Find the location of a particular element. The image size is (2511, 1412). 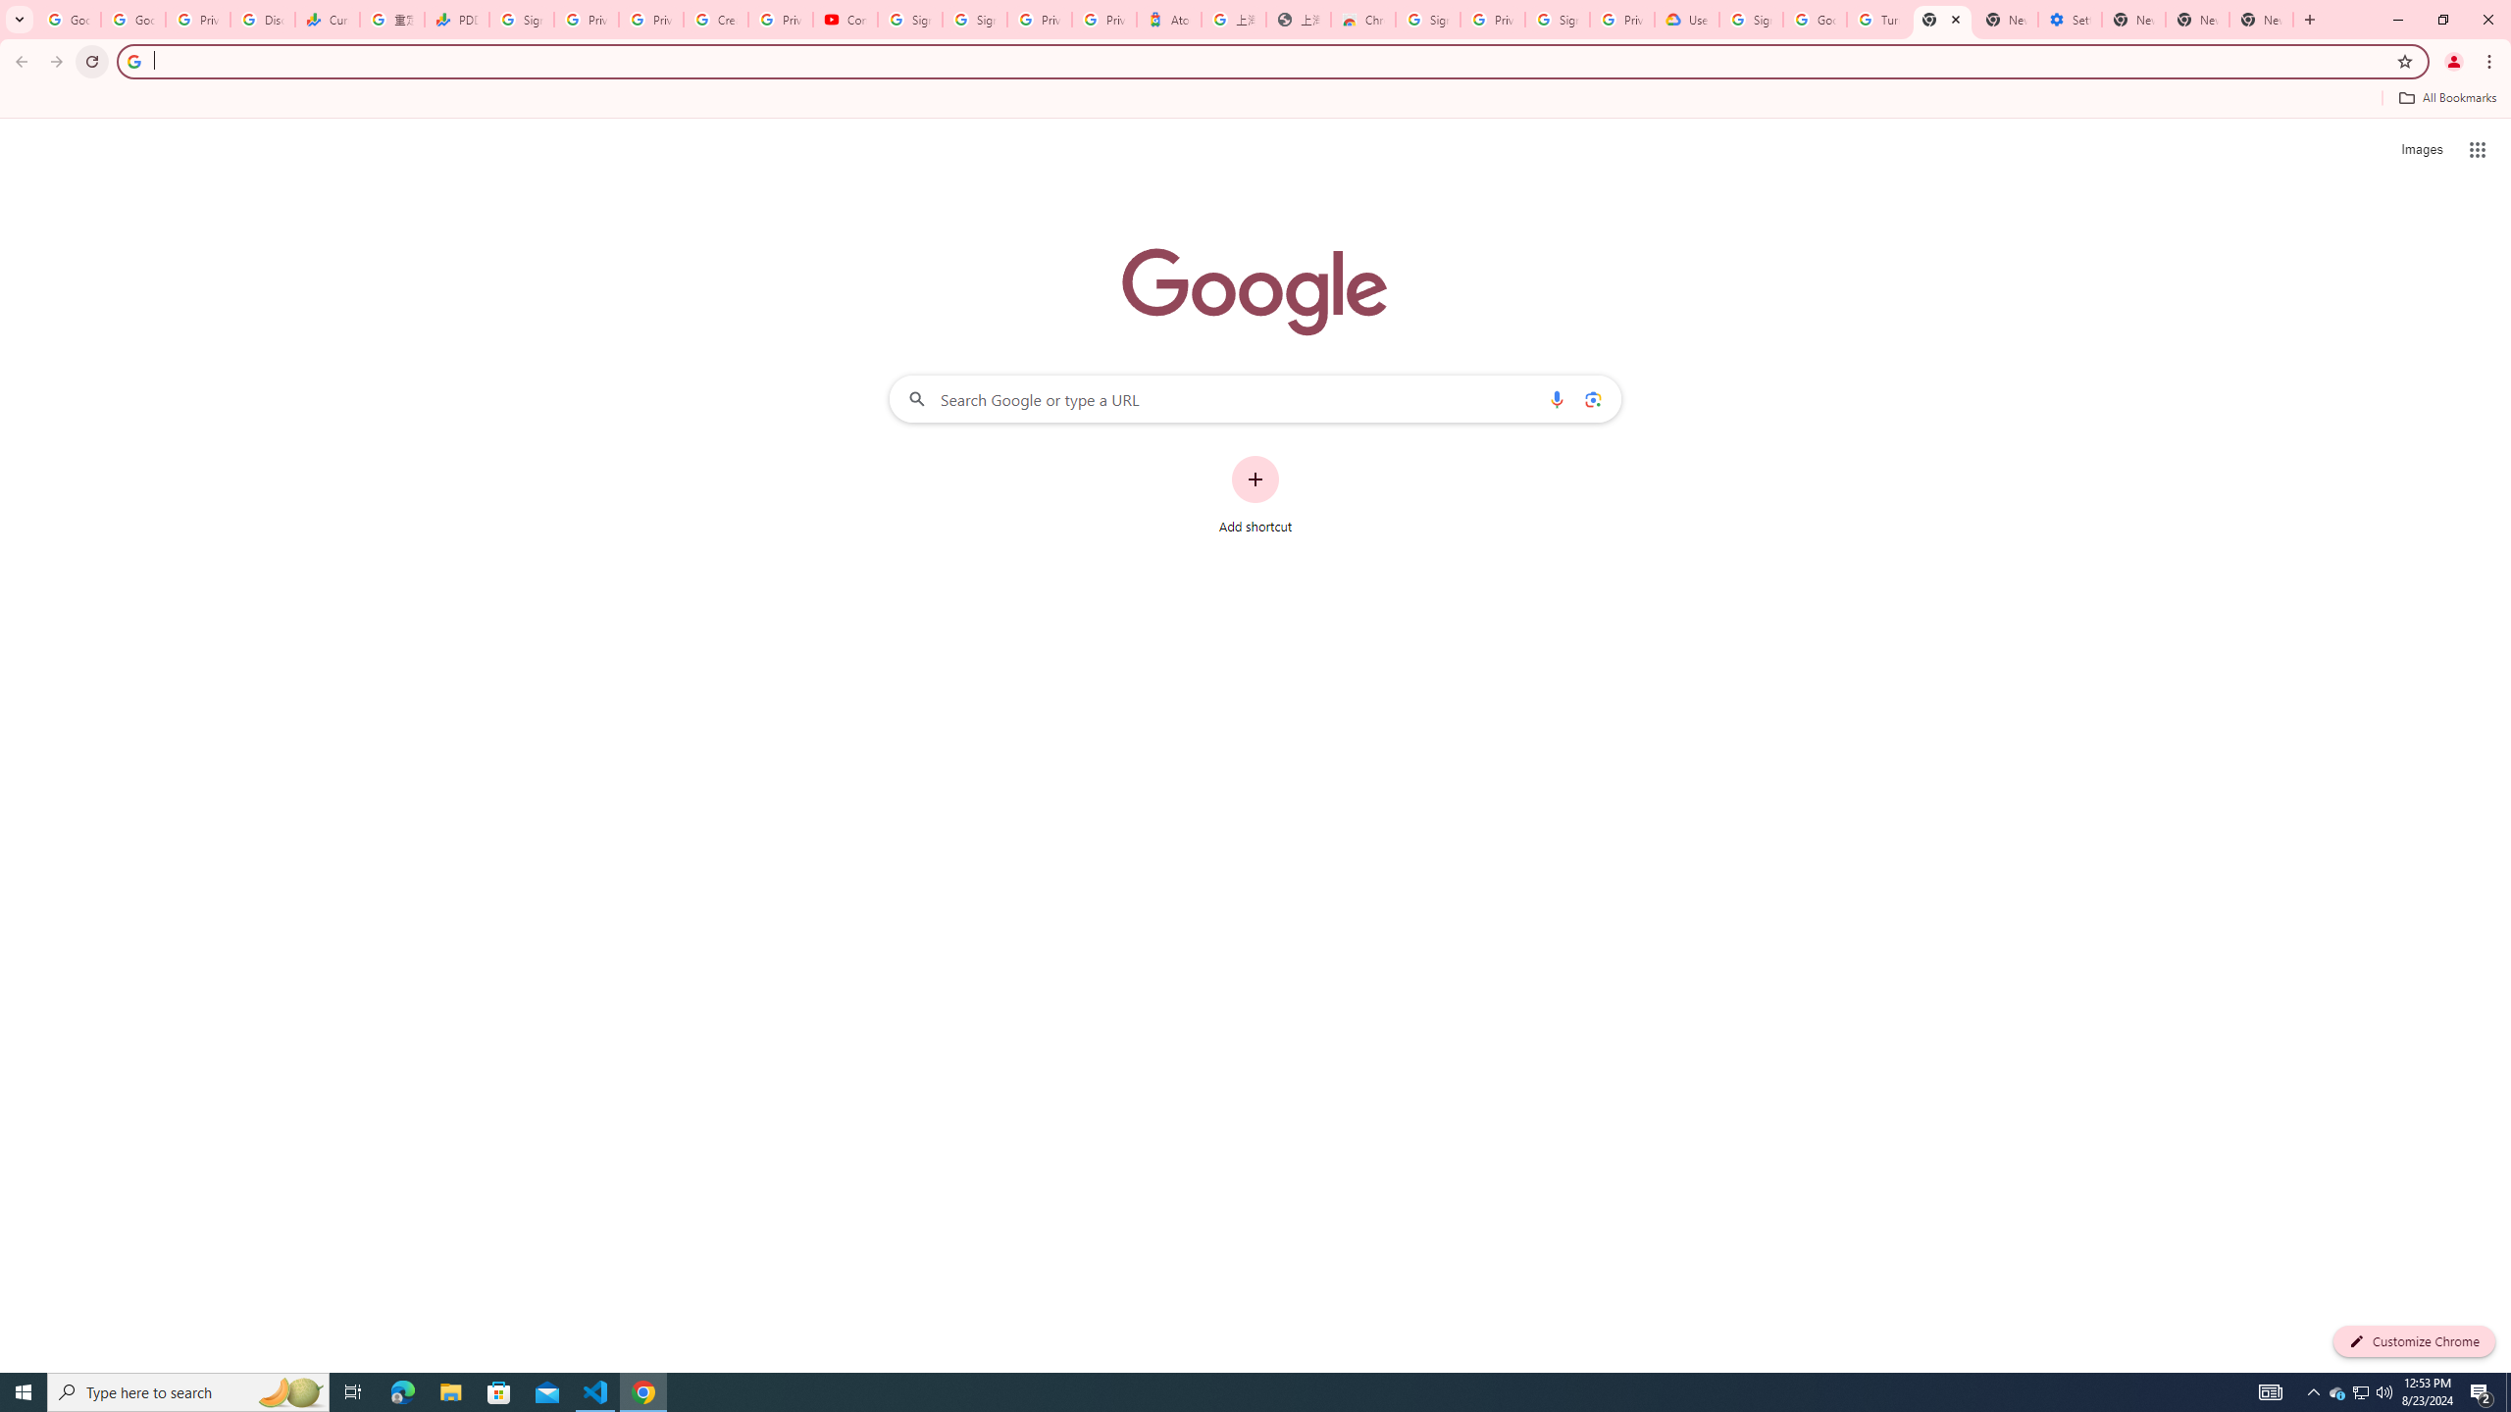

'Google Account Help' is located at coordinates (1815, 19).